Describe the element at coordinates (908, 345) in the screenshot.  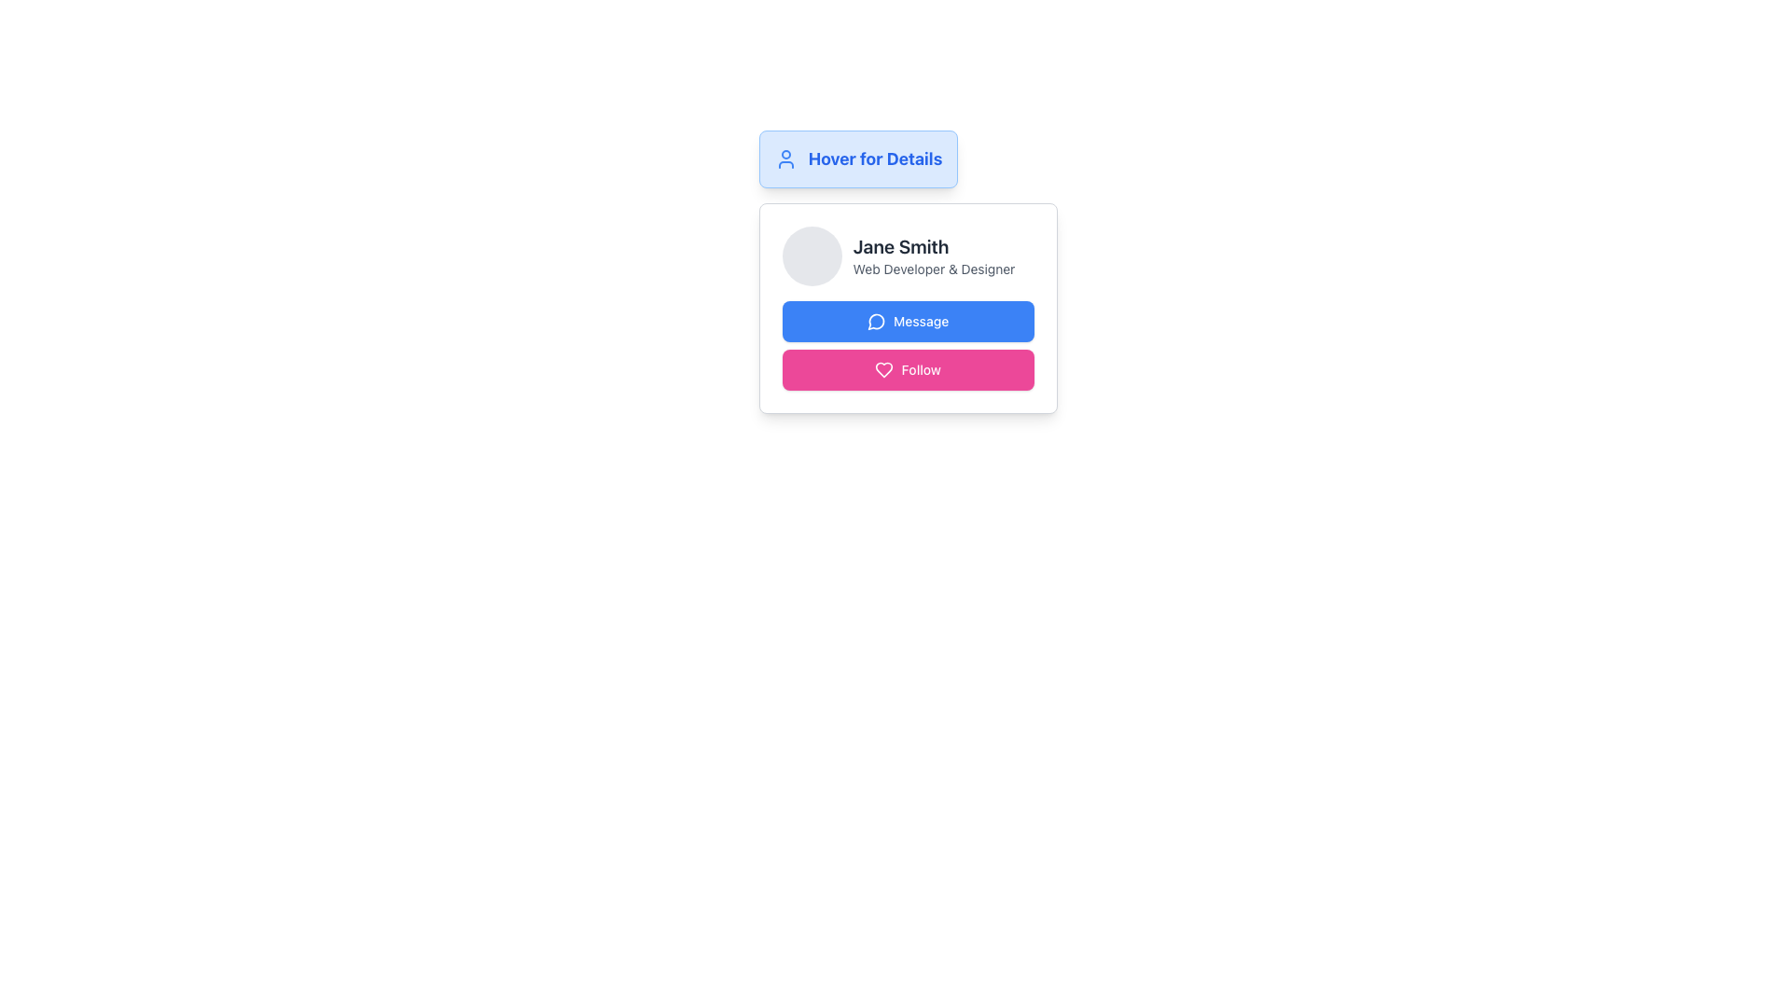
I see `the 'Follow' button in the segmented button group, which is located below the user's information and has a pink background with white text and a heart icon` at that location.